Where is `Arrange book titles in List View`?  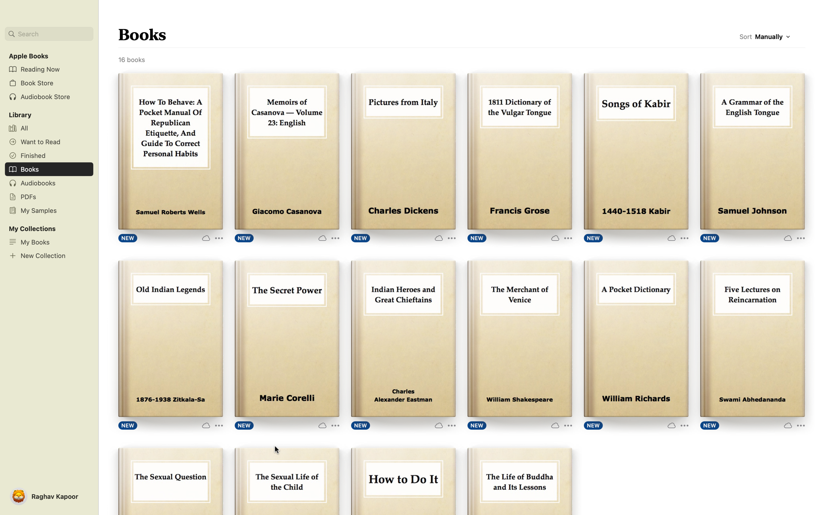
Arrange book titles in List View is located at coordinates (774, 38).